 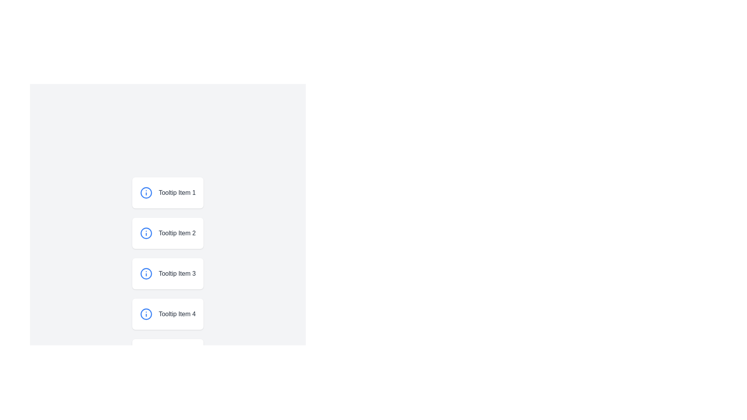 What do you see at coordinates (167, 273) in the screenshot?
I see `to select the List item with an embedded information icon and text label for 'Tooltip Item 3', which is the third item in a vertically aligned list` at bounding box center [167, 273].